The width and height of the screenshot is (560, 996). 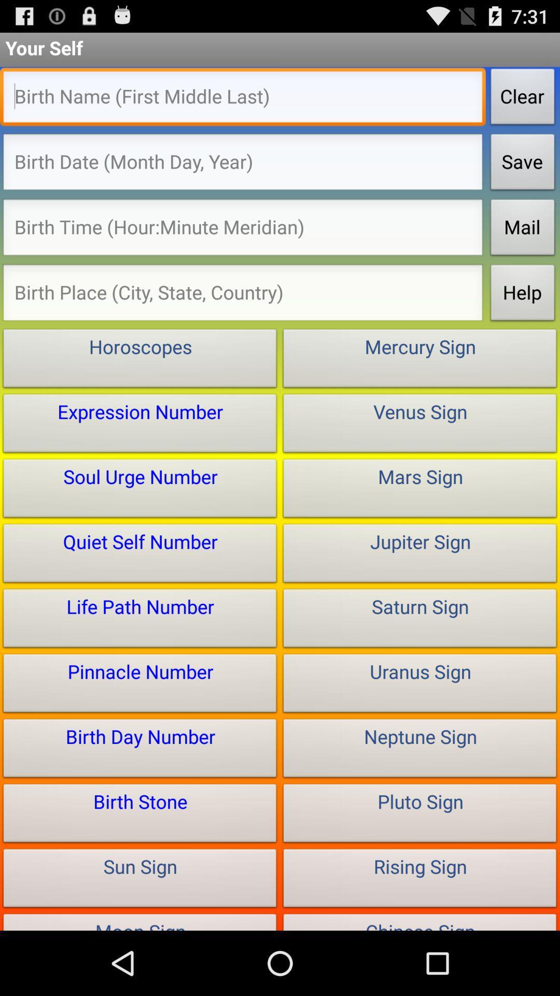 I want to click on birth region, so click(x=243, y=295).